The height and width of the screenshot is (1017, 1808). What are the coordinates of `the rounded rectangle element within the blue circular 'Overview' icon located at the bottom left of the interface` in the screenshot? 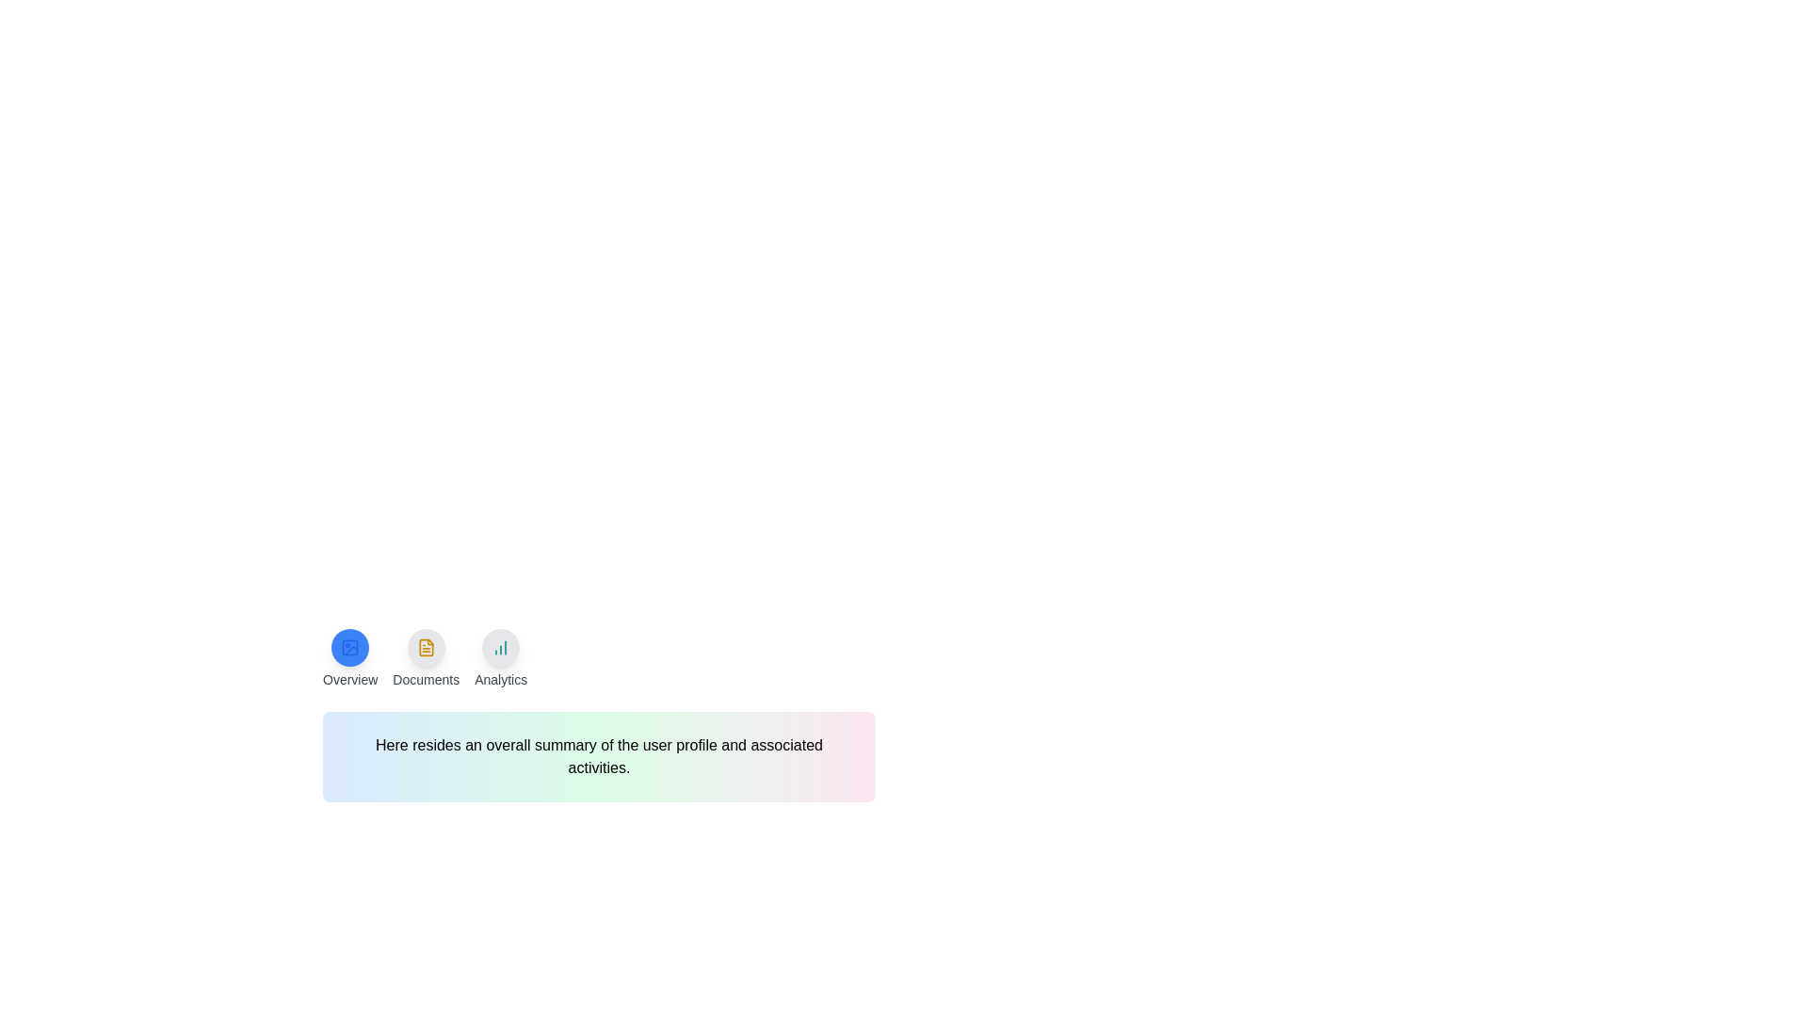 It's located at (350, 646).